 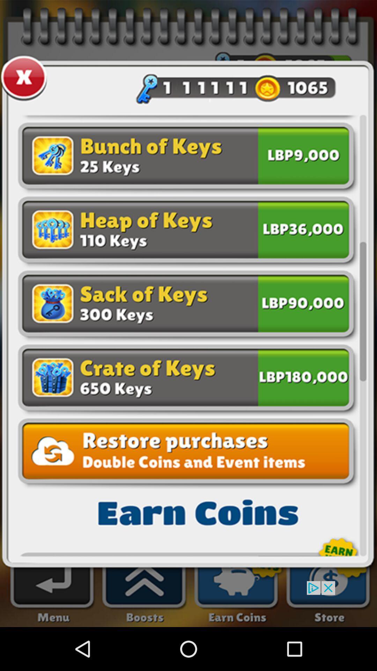 What do you see at coordinates (303, 157) in the screenshot?
I see `buy coins` at bounding box center [303, 157].